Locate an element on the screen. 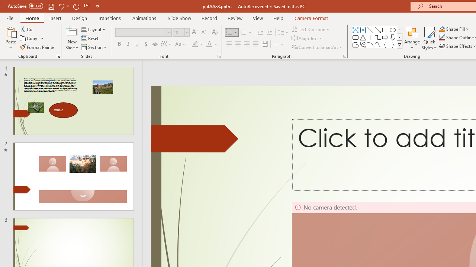  'Animations' is located at coordinates (144, 18).